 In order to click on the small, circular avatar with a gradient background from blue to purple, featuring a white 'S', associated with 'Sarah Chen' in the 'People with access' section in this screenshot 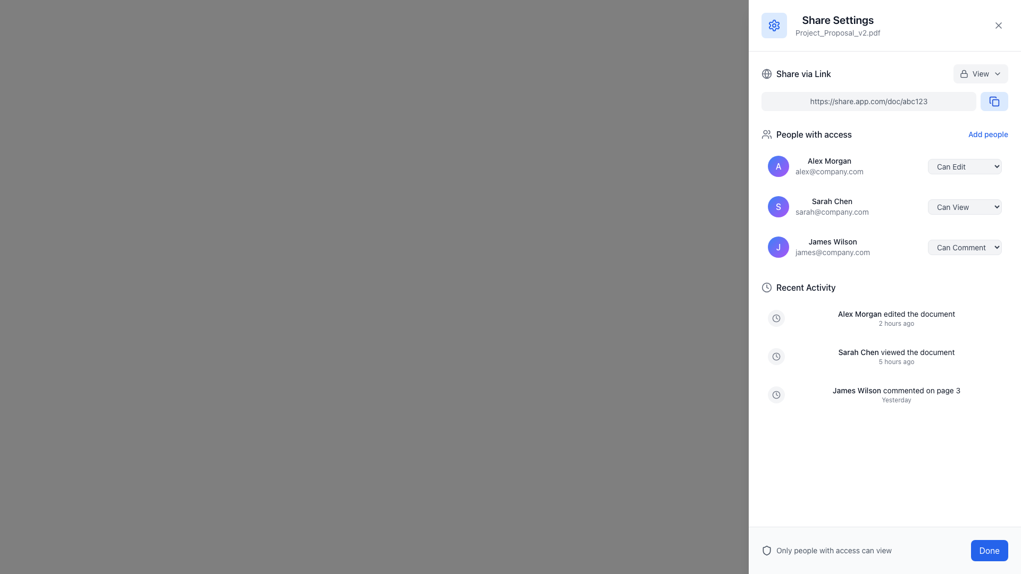, I will do `click(779, 207)`.